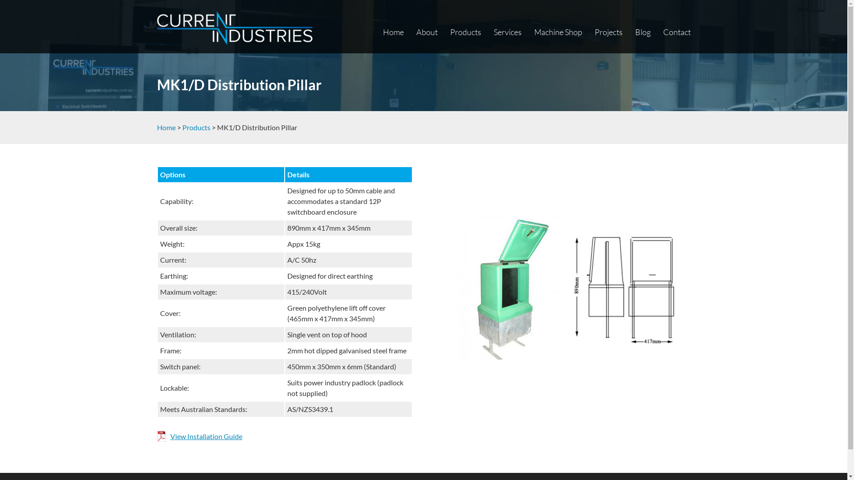 This screenshot has height=480, width=854. I want to click on 'Projects', so click(594, 32).